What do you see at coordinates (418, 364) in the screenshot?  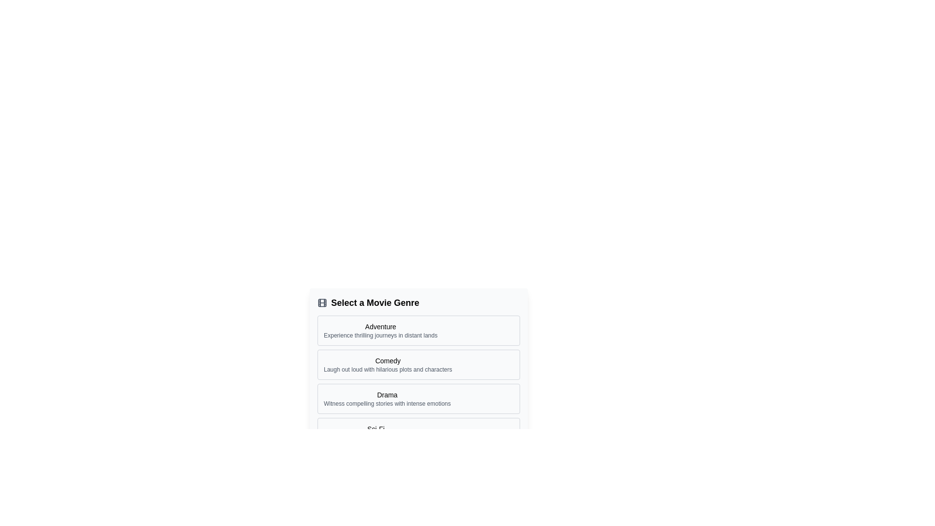 I see `the 'Comedy' genre card, which is the second card in the vertical stack of four cards under the section 'Select a Movie Genre'` at bounding box center [418, 364].